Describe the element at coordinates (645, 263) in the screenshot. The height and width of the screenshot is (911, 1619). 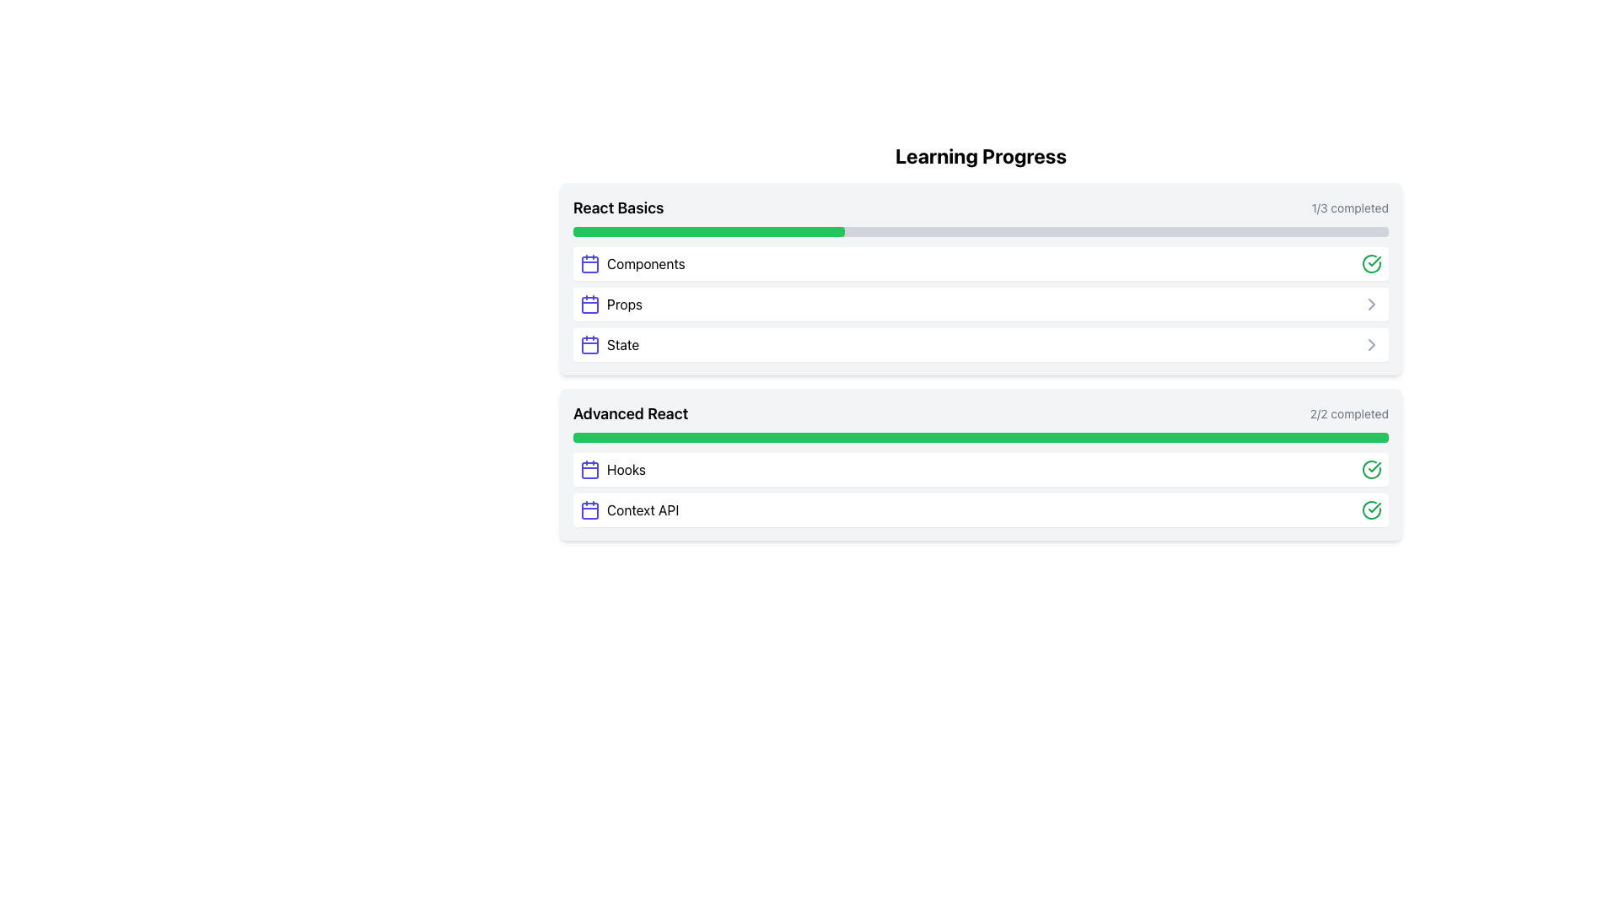
I see `text label that displays 'Components' in the React Basics section, which is horizontally aligned beside a calendar icon` at that location.